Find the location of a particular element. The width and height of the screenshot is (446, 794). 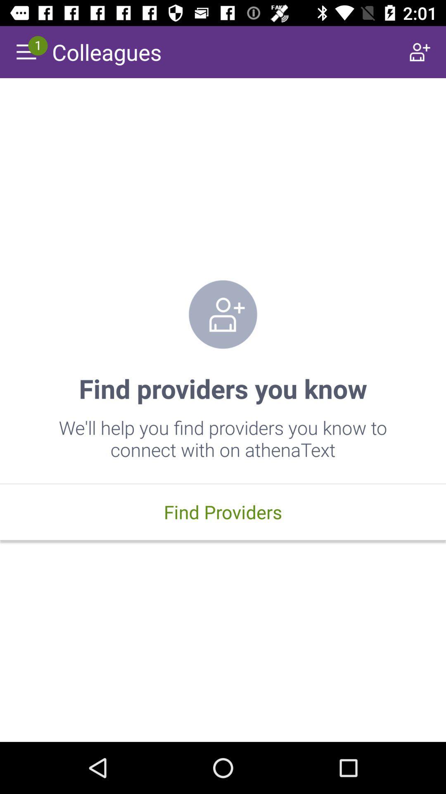

the item at the top right corner is located at coordinates (420, 51).